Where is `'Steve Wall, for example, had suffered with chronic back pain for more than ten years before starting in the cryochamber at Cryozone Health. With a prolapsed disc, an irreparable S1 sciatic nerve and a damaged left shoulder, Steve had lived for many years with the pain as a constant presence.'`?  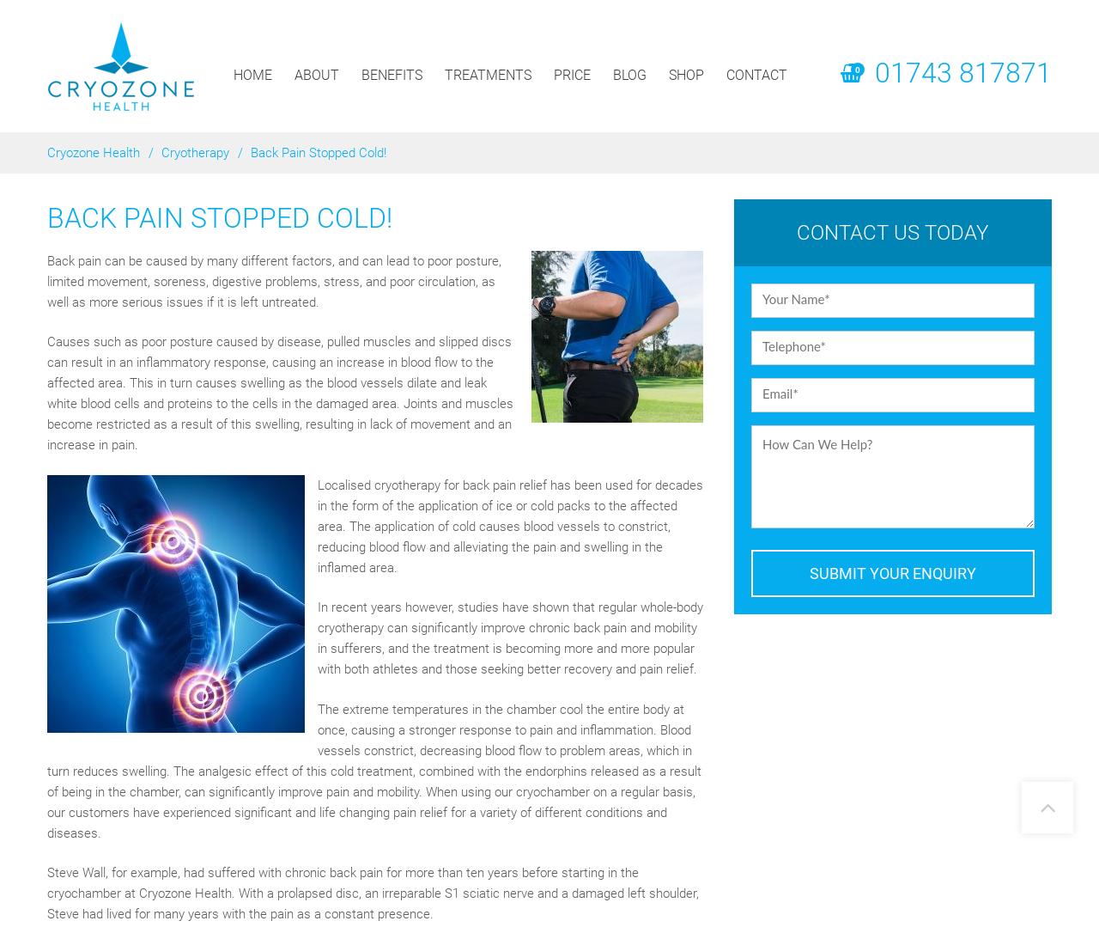 'Steve Wall, for example, had suffered with chronic back pain for more than ten years before starting in the cryochamber at Cryozone Health. With a prolapsed disc, an irreparable S1 sciatic nerve and a damaged left shoulder, Steve had lived for many years with the pain as a constant presence.' is located at coordinates (372, 893).